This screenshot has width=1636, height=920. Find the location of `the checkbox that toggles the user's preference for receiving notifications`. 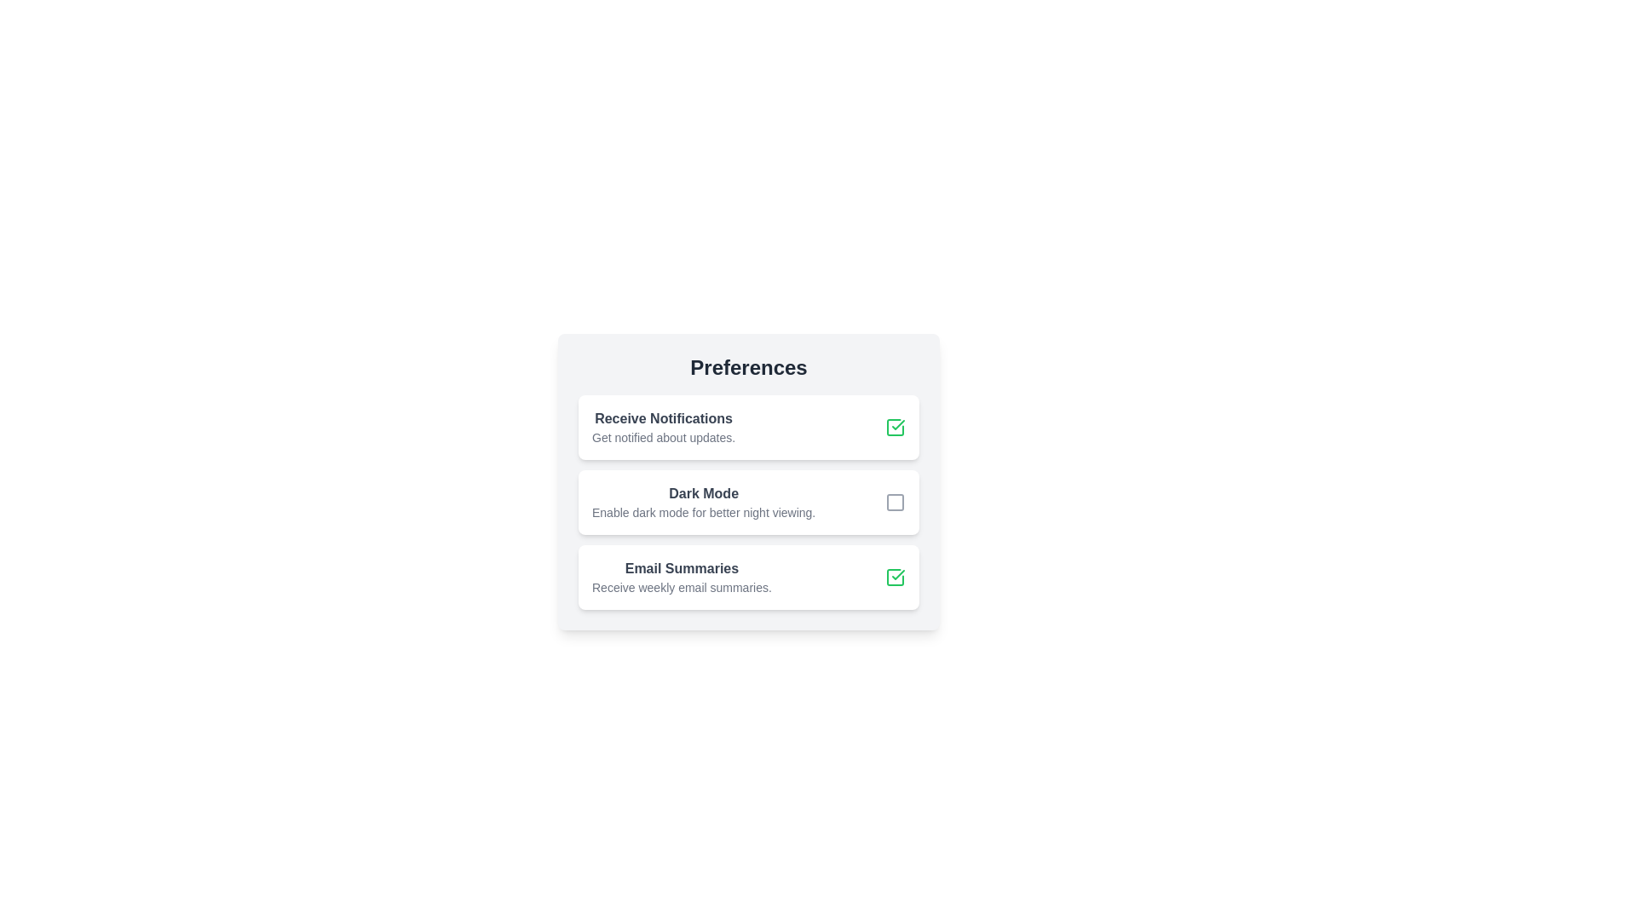

the checkbox that toggles the user's preference for receiving notifications is located at coordinates (895, 426).